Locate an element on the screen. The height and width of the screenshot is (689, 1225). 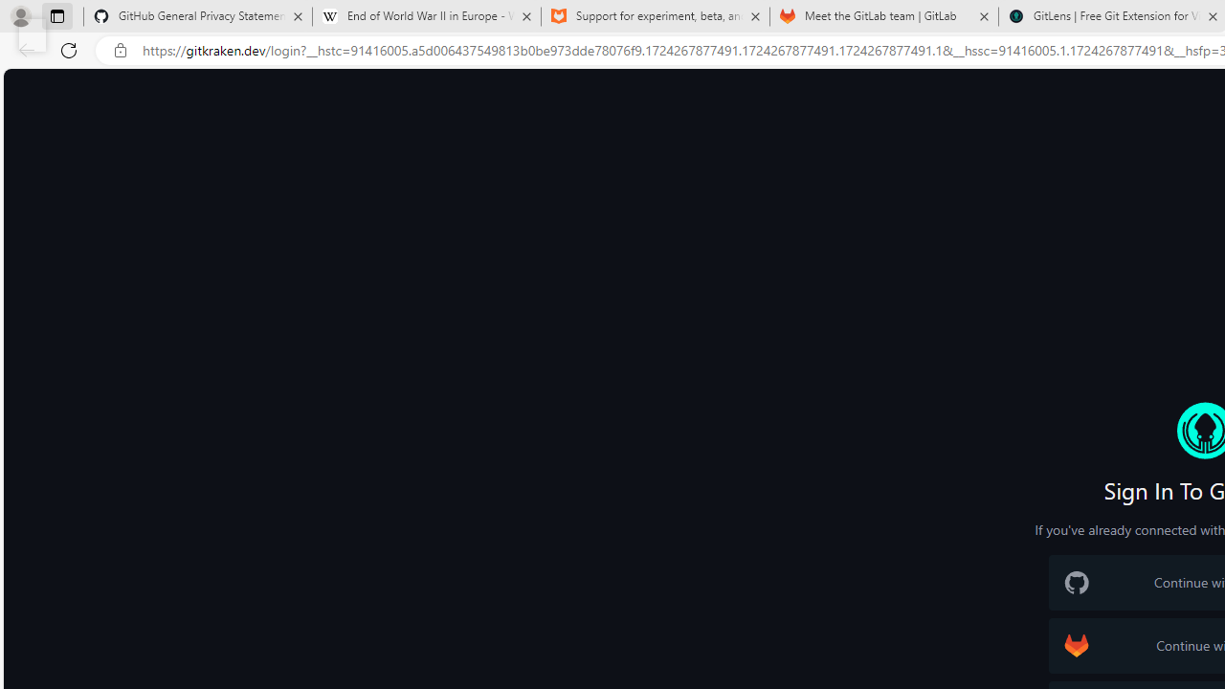
'End of World War II in Europe - Wikipedia' is located at coordinates (425, 16).